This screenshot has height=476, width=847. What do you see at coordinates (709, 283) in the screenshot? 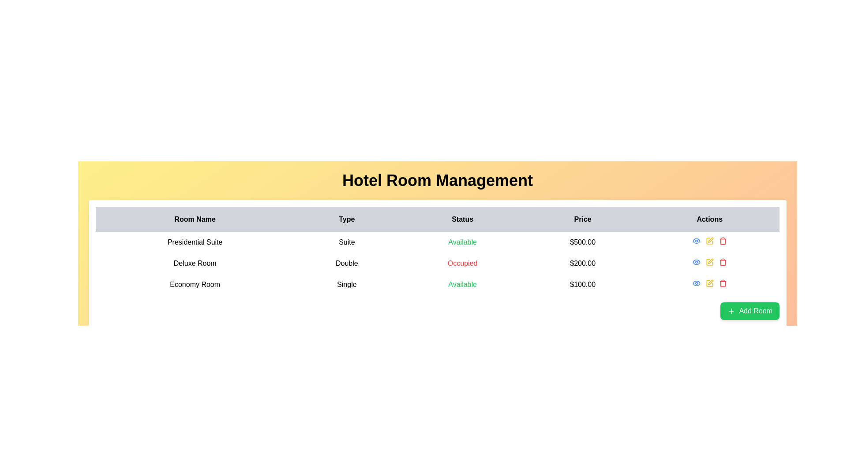
I see `the edit icon located in the 'Actions' column of the table row for 'Economy Room', which is the second icon from the left` at bounding box center [709, 283].